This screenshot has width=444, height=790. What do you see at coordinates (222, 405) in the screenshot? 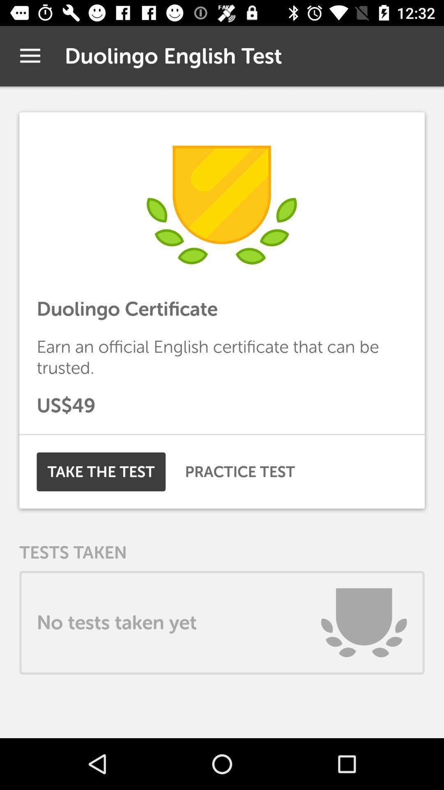
I see `us$49` at bounding box center [222, 405].